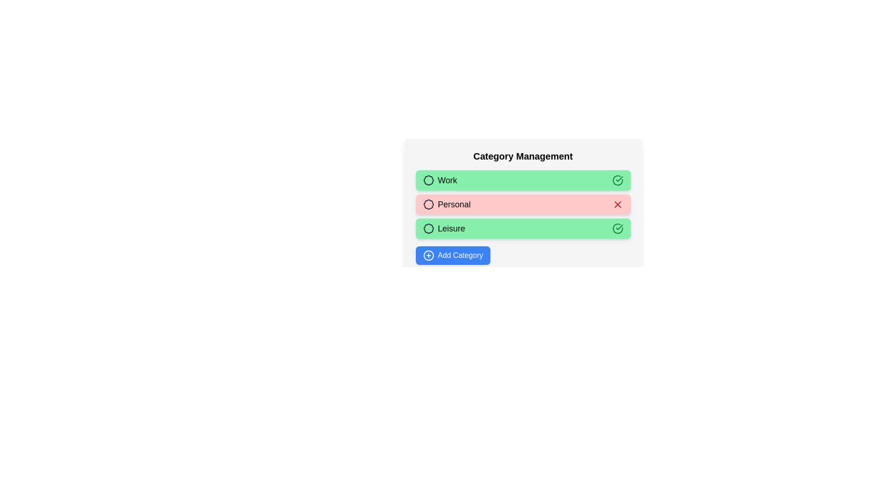 The height and width of the screenshot is (501, 890). I want to click on the category Personal, so click(523, 204).